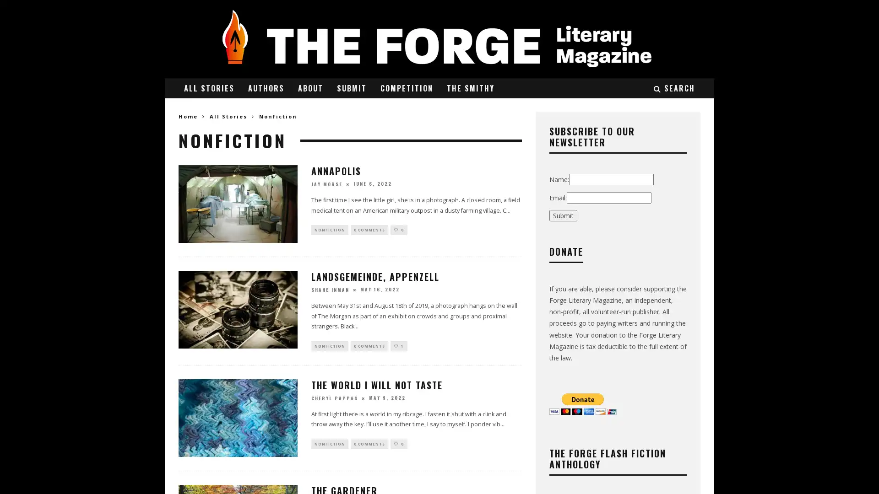 The height and width of the screenshot is (494, 879). Describe the element at coordinates (563, 215) in the screenshot. I see `Submit` at that location.